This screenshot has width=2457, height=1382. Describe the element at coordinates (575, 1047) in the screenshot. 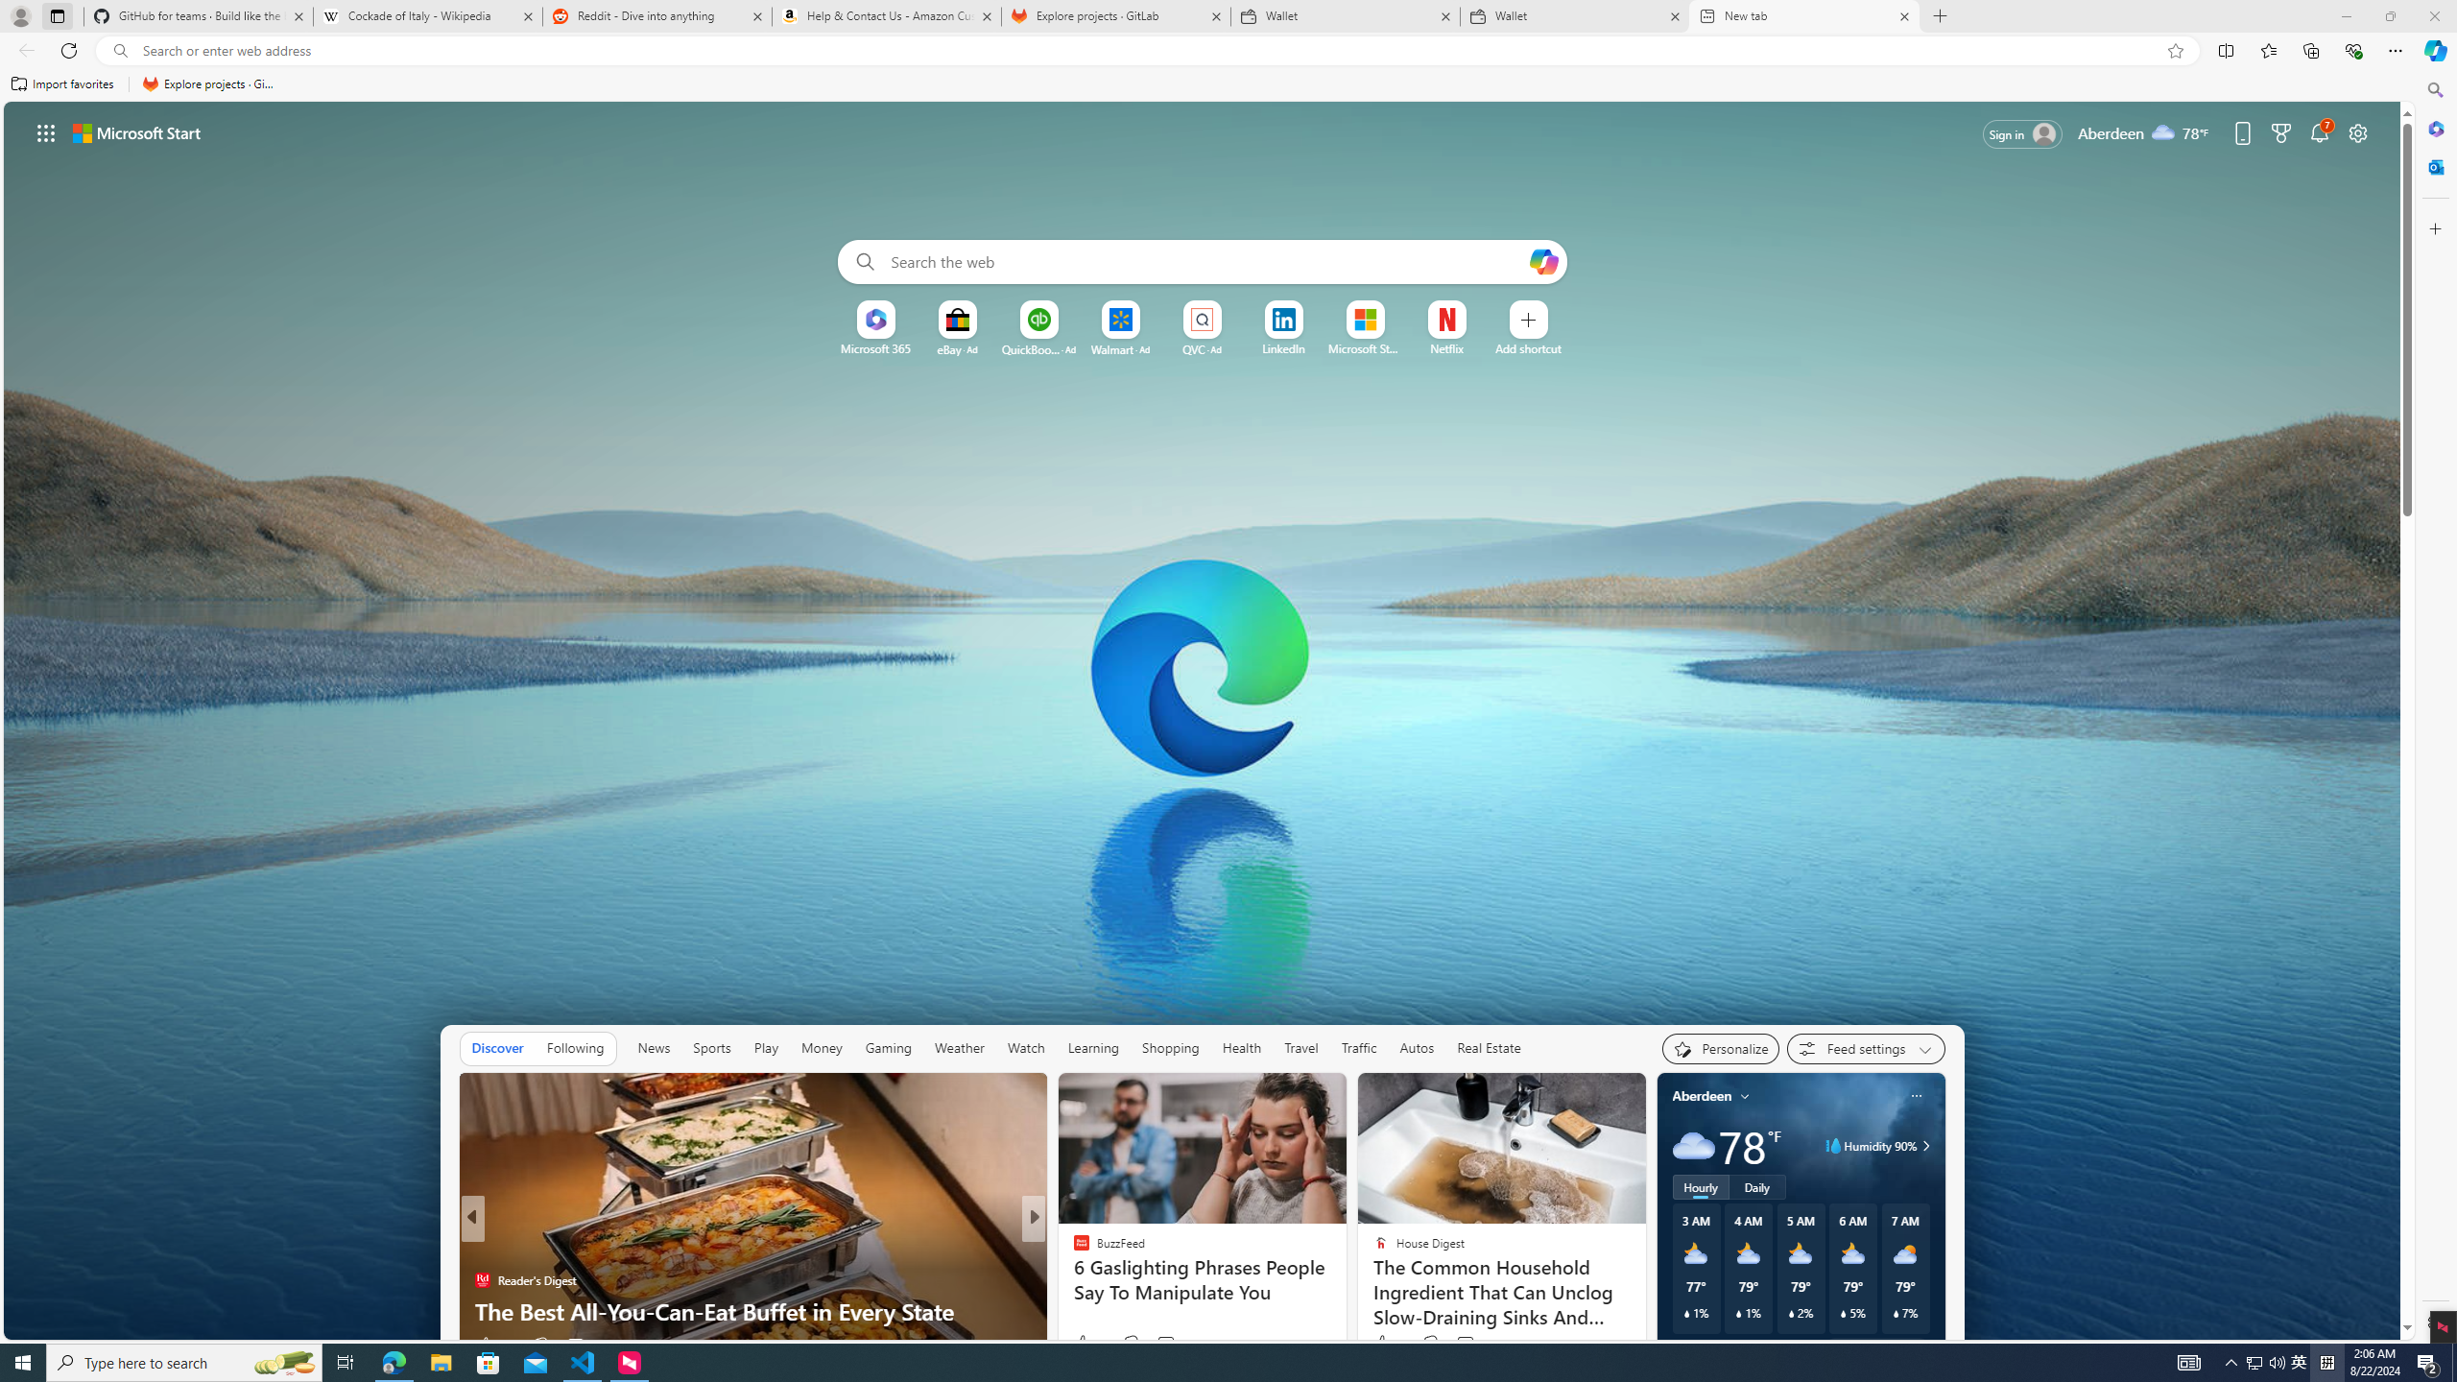

I see `'Following'` at that location.